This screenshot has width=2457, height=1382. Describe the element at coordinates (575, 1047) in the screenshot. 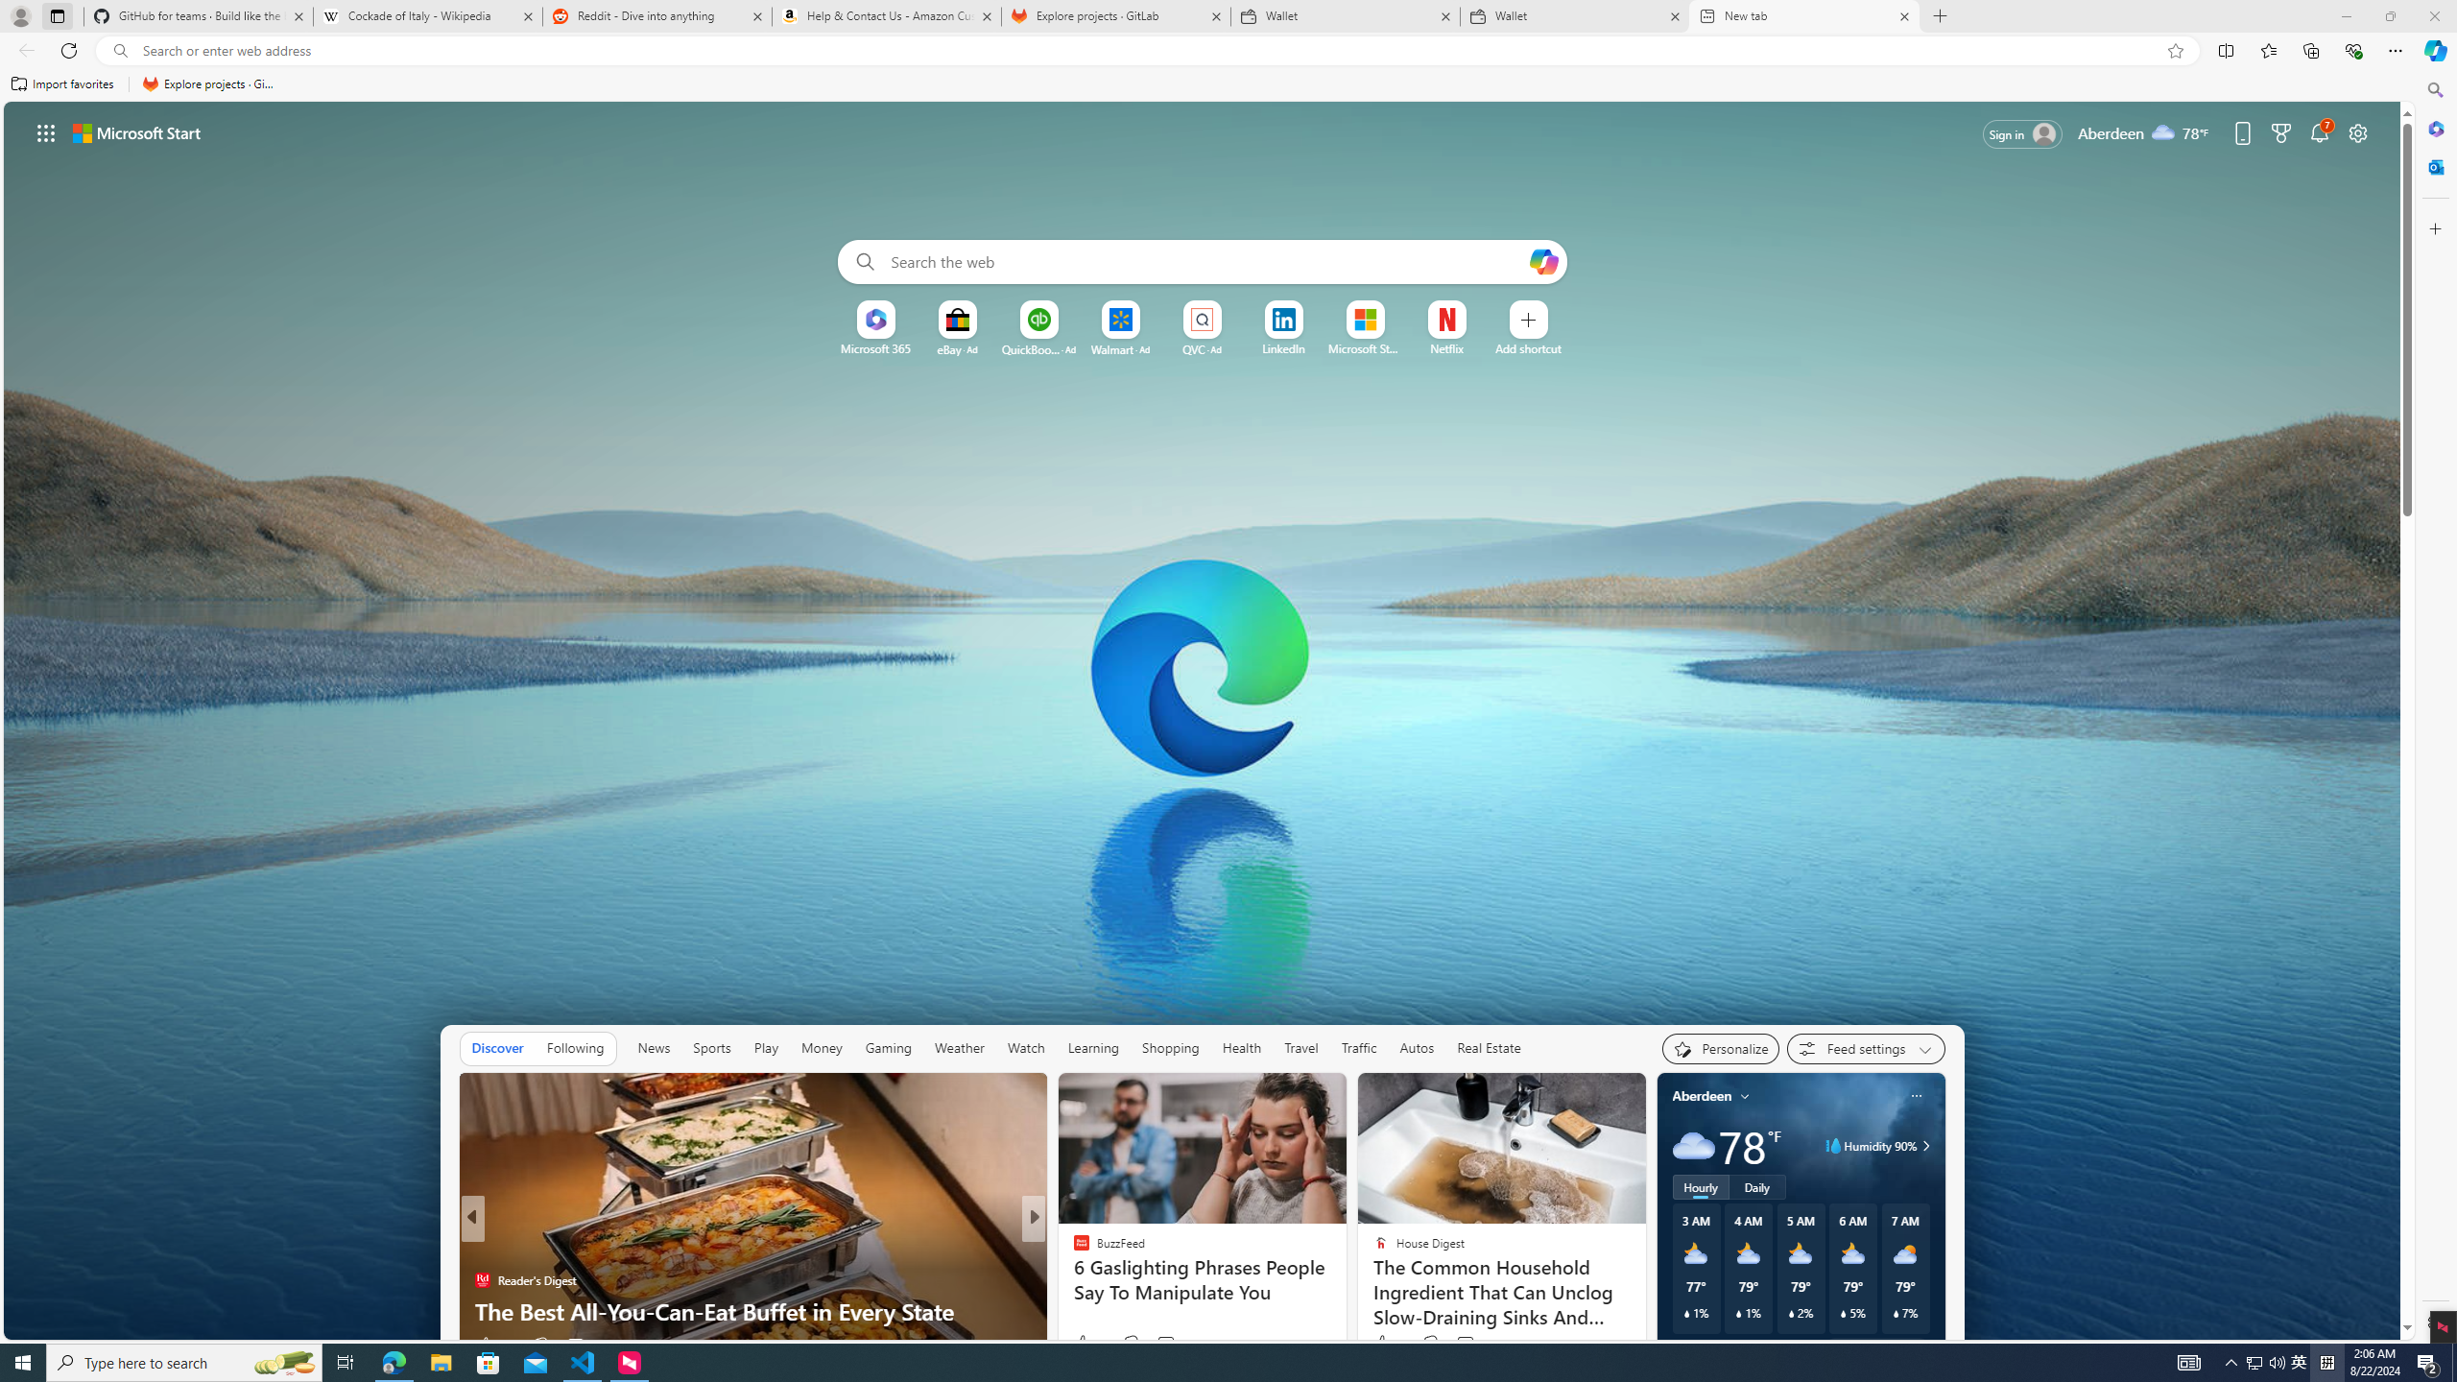

I see `'Following'` at that location.